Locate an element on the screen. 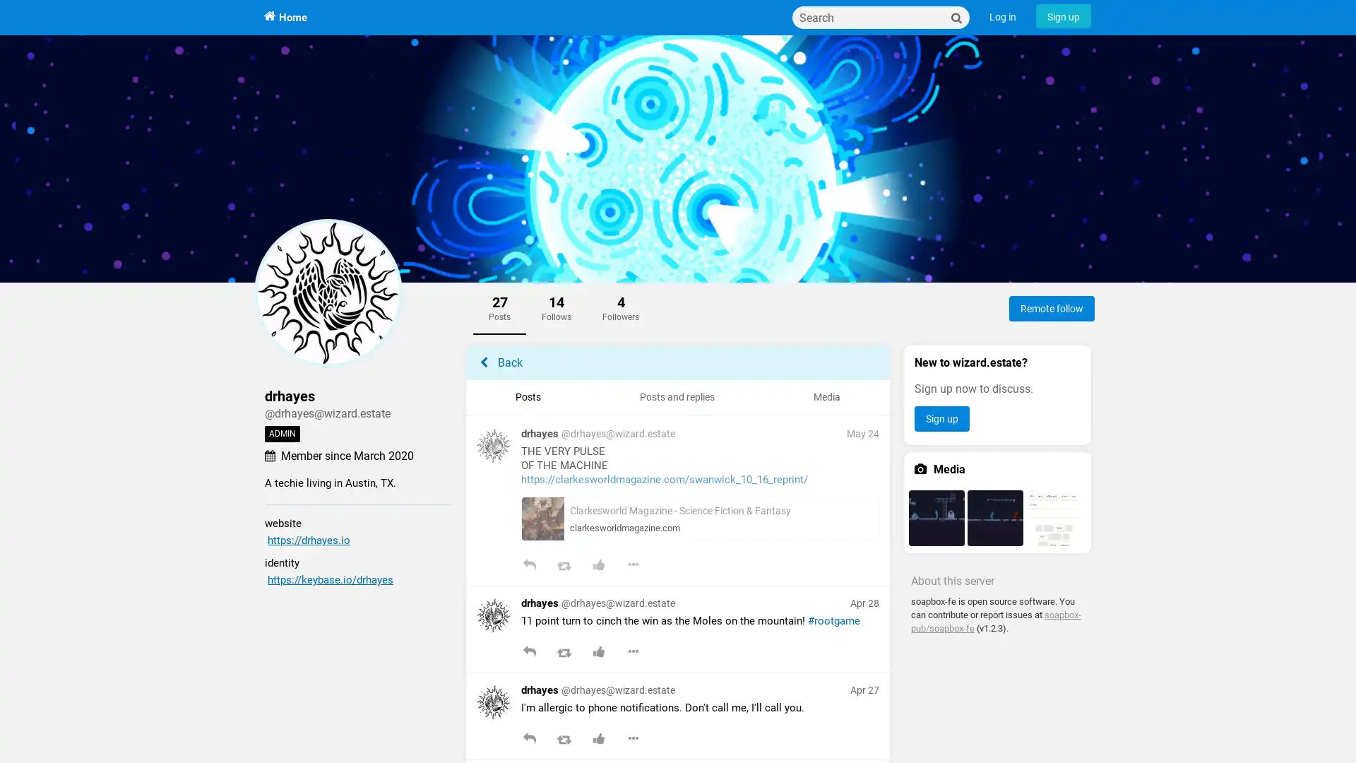 The width and height of the screenshot is (1356, 763). More is located at coordinates (632, 740).